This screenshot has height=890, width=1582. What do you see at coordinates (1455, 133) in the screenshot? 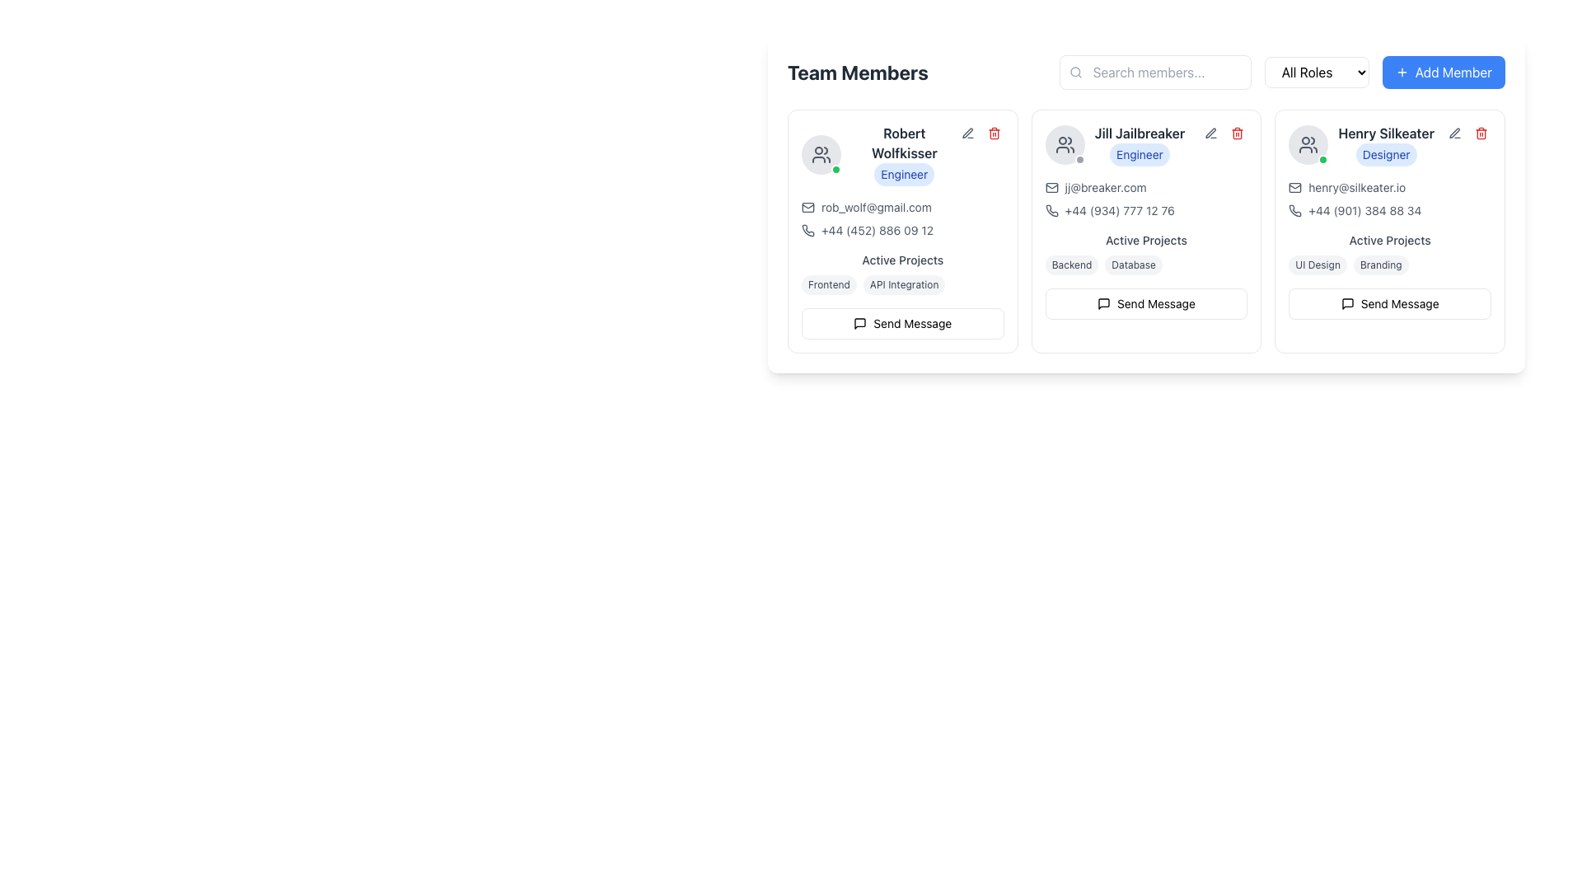
I see `the circular edit button with a pencil icon located at the top-right corner of the team member 'Henry Silkeater's' card` at bounding box center [1455, 133].